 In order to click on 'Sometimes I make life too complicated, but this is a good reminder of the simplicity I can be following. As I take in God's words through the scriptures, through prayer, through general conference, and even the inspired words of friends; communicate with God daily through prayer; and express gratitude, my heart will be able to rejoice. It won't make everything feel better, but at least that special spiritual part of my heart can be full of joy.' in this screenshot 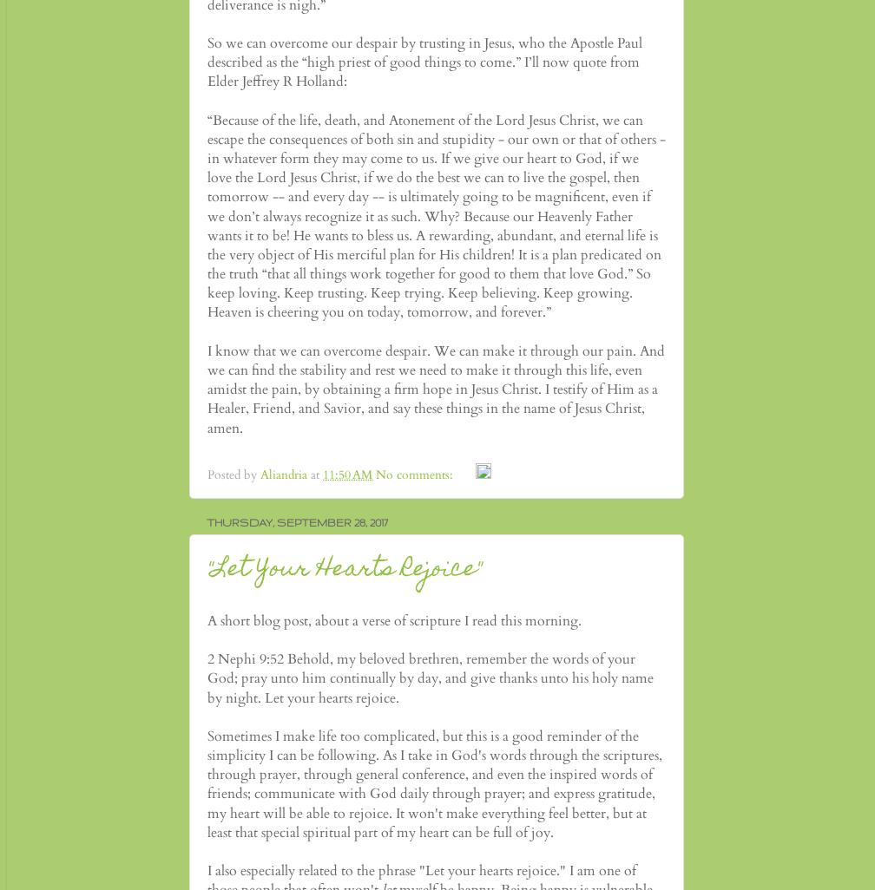, I will do `click(434, 782)`.